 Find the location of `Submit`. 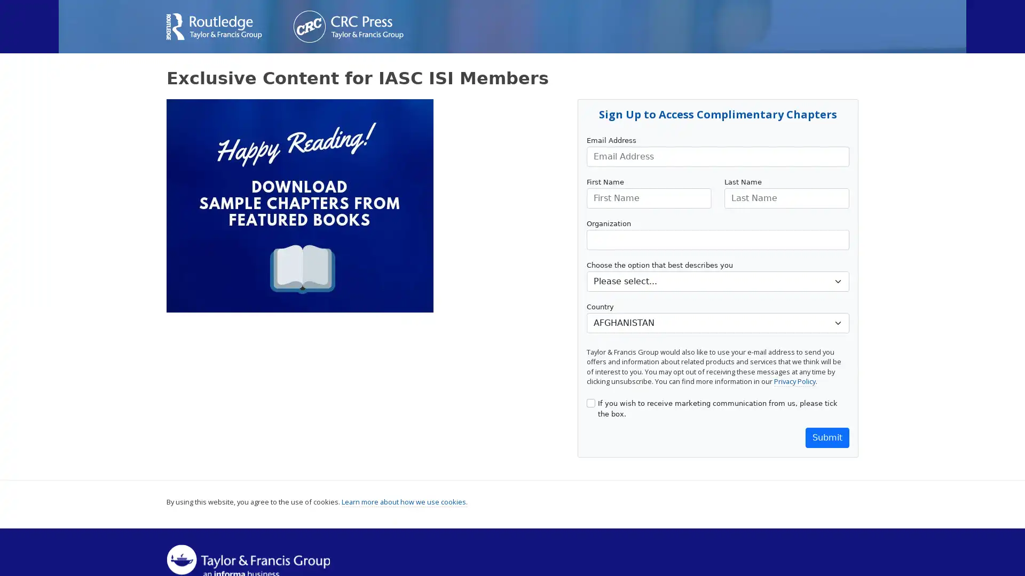

Submit is located at coordinates (827, 438).